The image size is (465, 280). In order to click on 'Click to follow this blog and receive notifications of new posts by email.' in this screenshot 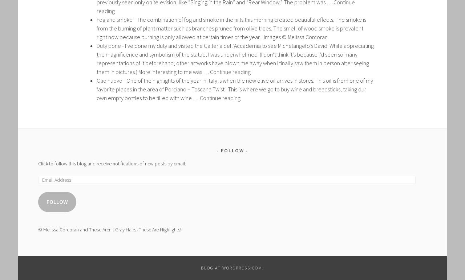, I will do `click(37, 162)`.